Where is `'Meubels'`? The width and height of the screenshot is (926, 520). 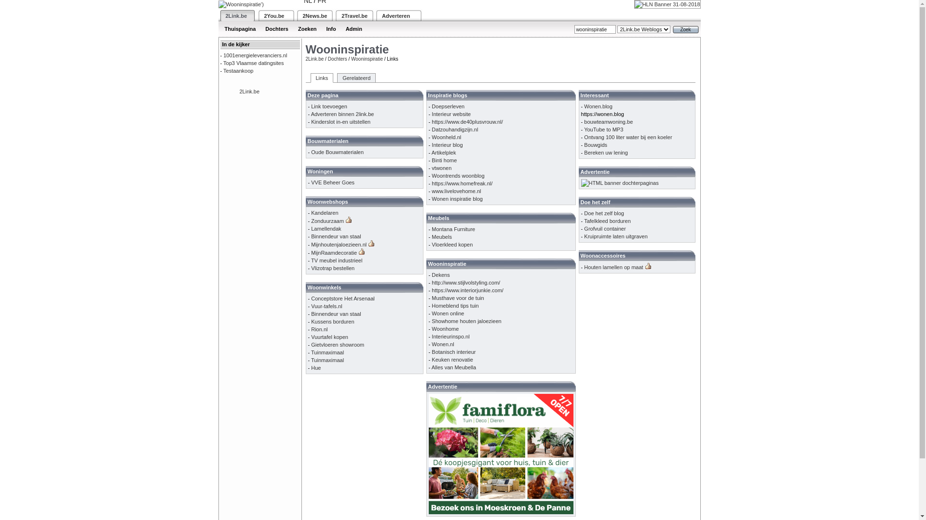
'Meubels' is located at coordinates (431, 237).